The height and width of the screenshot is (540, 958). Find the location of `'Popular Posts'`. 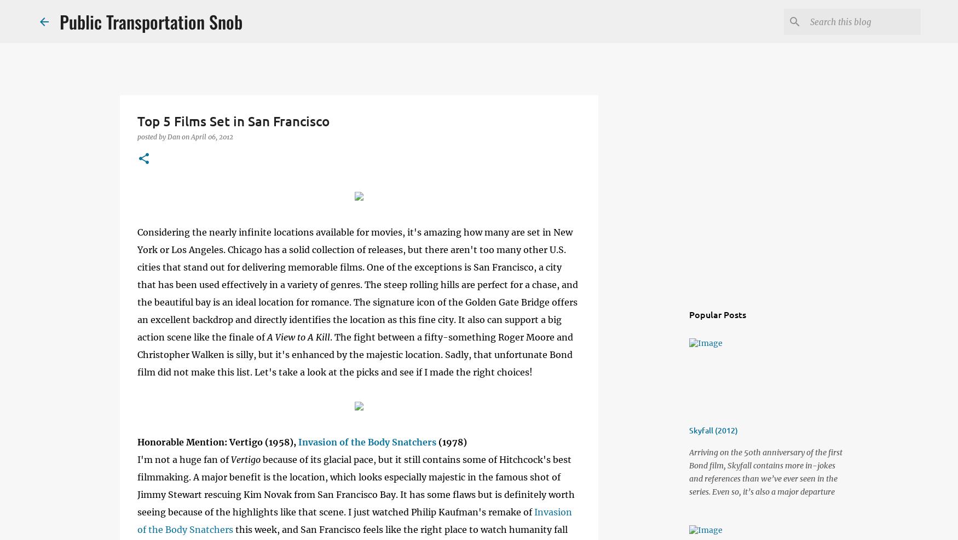

'Popular Posts' is located at coordinates (717, 314).